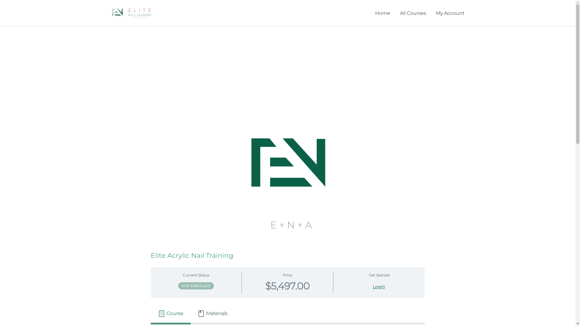 This screenshot has height=326, width=580. What do you see at coordinates (413, 13) in the screenshot?
I see `'All Courses'` at bounding box center [413, 13].